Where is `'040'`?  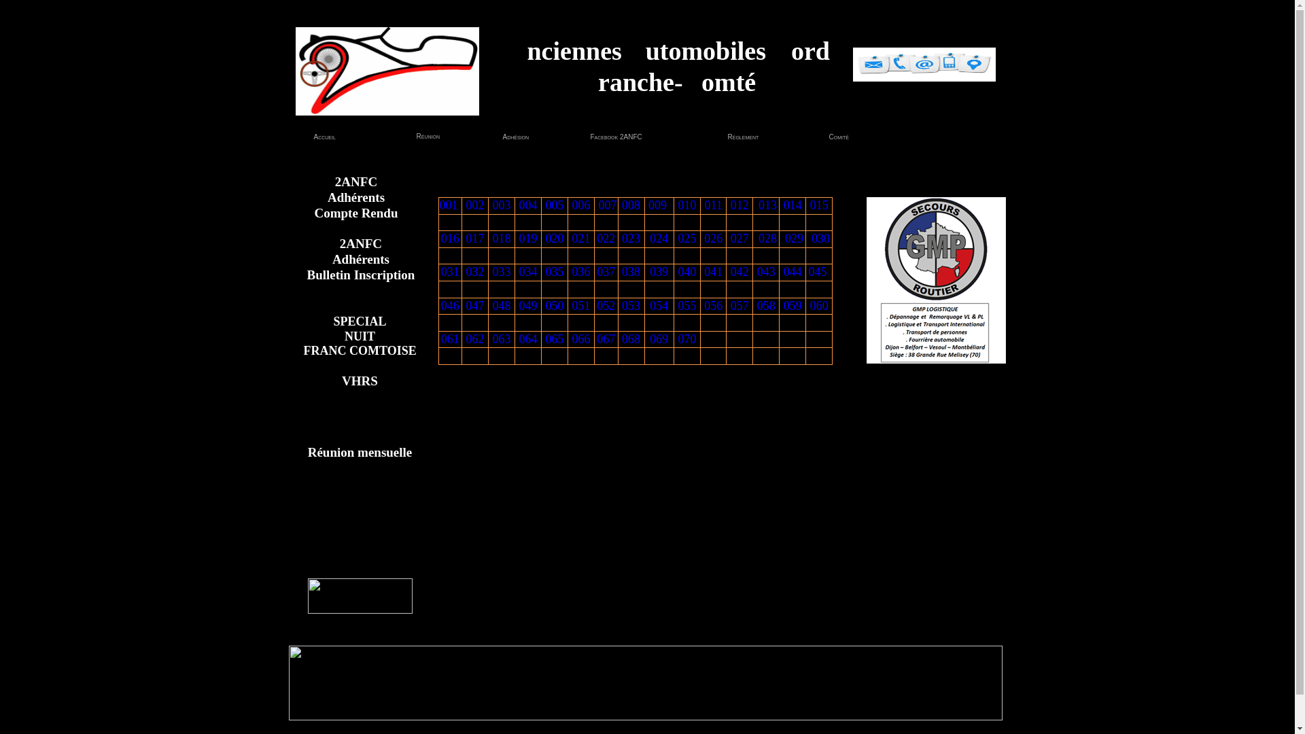 '040' is located at coordinates (687, 272).